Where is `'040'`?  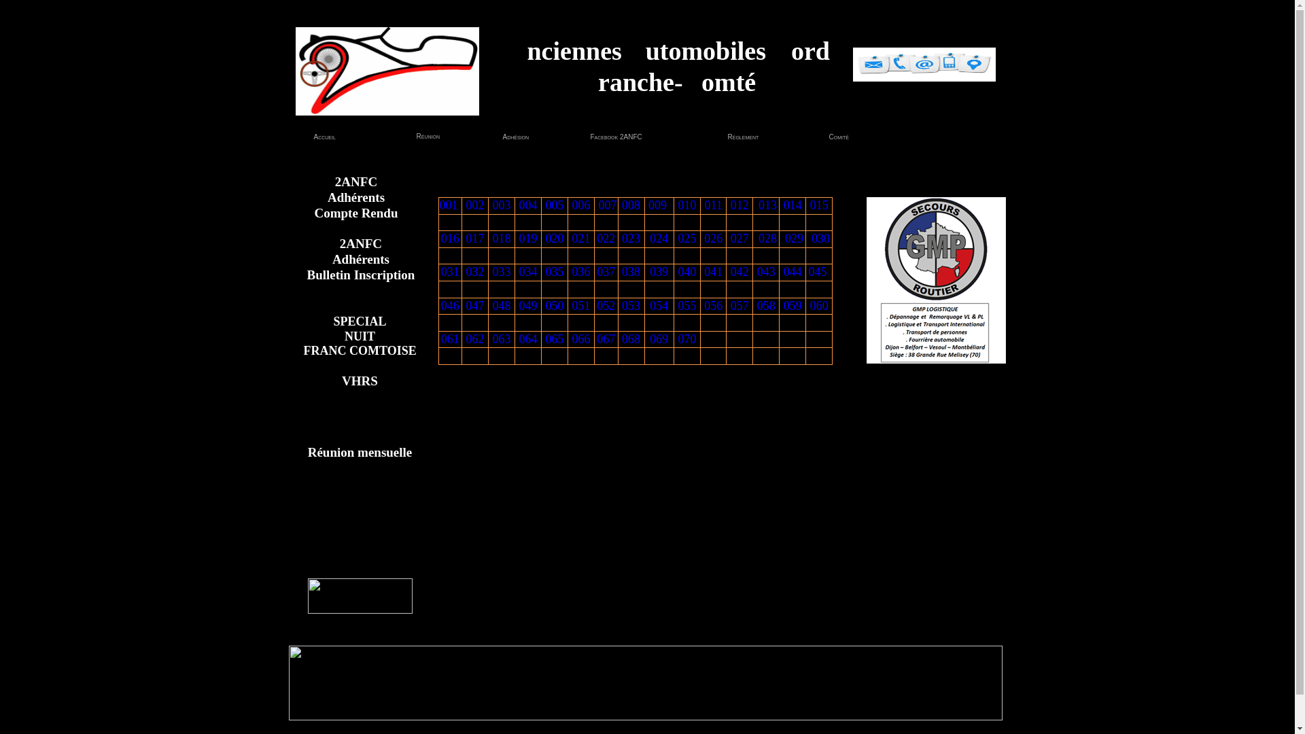 '040' is located at coordinates (687, 272).